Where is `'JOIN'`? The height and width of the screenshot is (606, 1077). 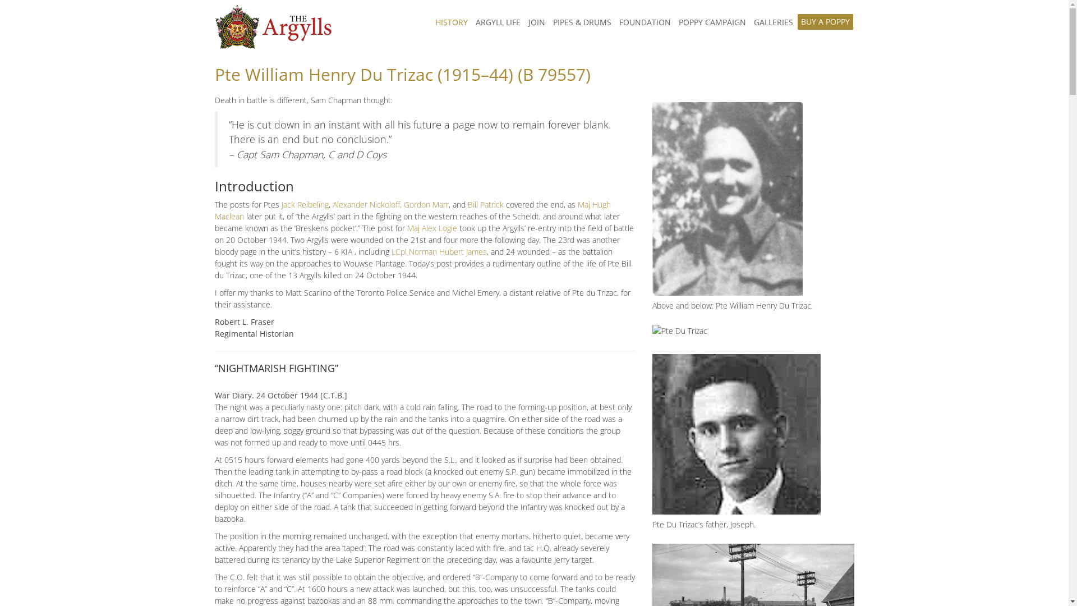
'JOIN' is located at coordinates (523, 22).